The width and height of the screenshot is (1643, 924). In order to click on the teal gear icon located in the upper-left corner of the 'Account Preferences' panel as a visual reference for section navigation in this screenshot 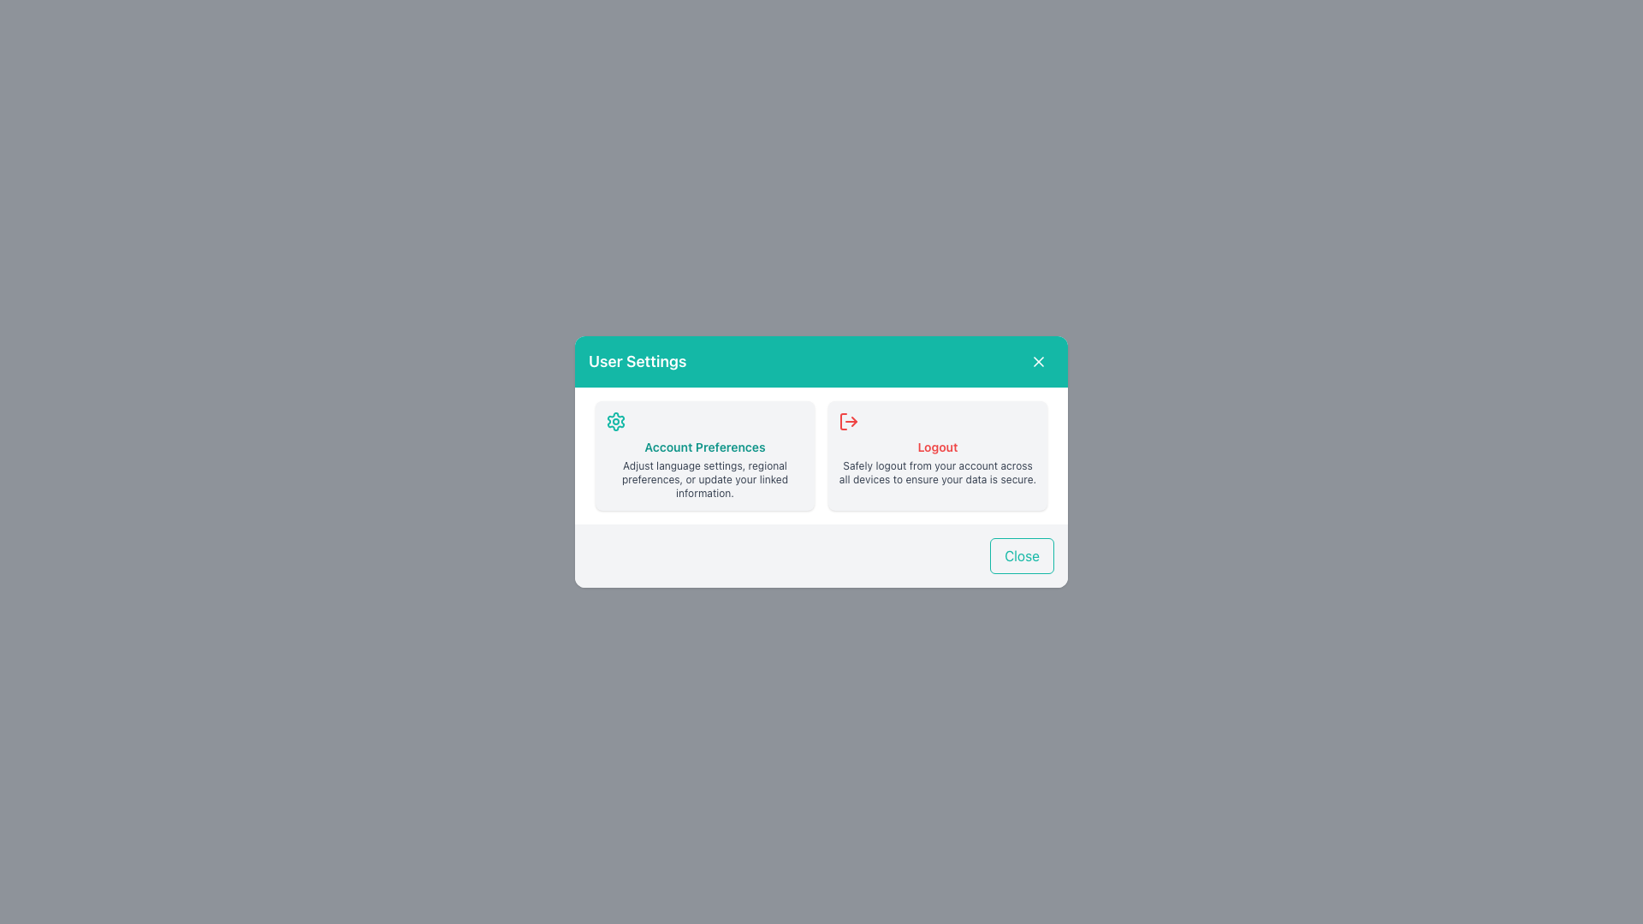, I will do `click(616, 422)`.